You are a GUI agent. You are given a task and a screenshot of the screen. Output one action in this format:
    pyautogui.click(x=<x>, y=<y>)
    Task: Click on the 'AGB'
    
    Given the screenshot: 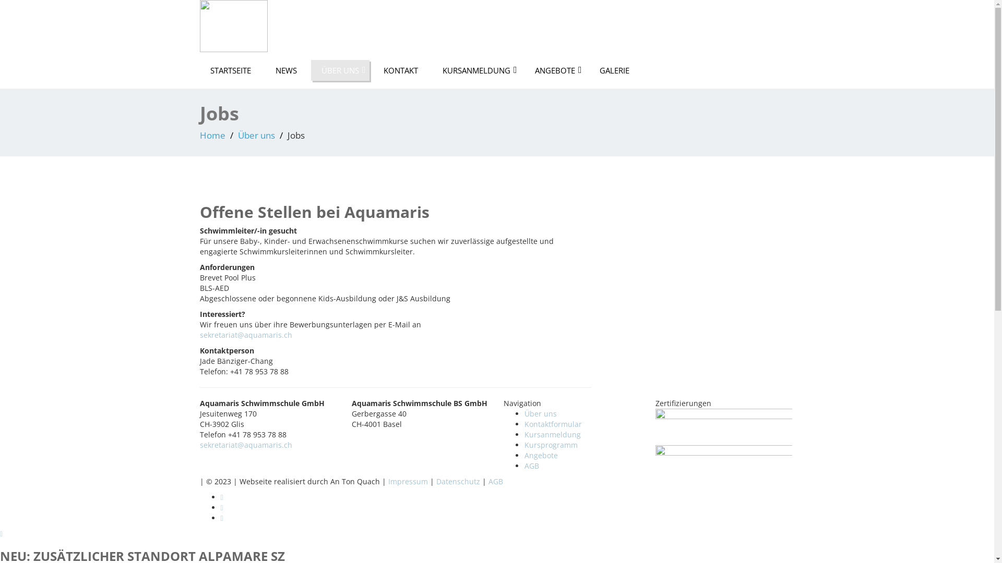 What is the action you would take?
    pyautogui.click(x=531, y=465)
    